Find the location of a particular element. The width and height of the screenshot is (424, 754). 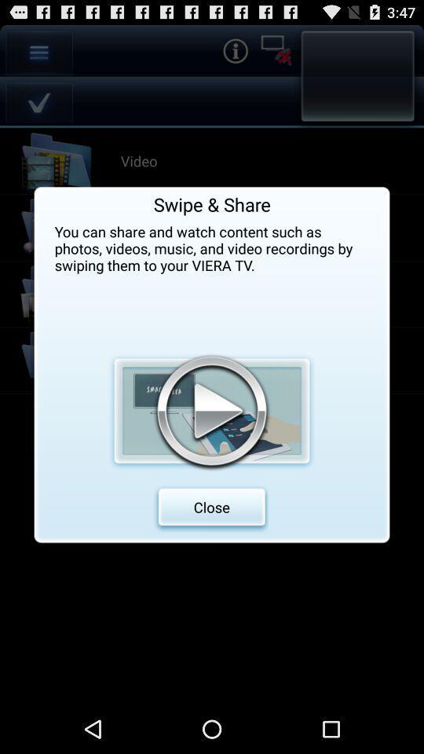

the option icon which is at the left side corner is located at coordinates (39, 53).